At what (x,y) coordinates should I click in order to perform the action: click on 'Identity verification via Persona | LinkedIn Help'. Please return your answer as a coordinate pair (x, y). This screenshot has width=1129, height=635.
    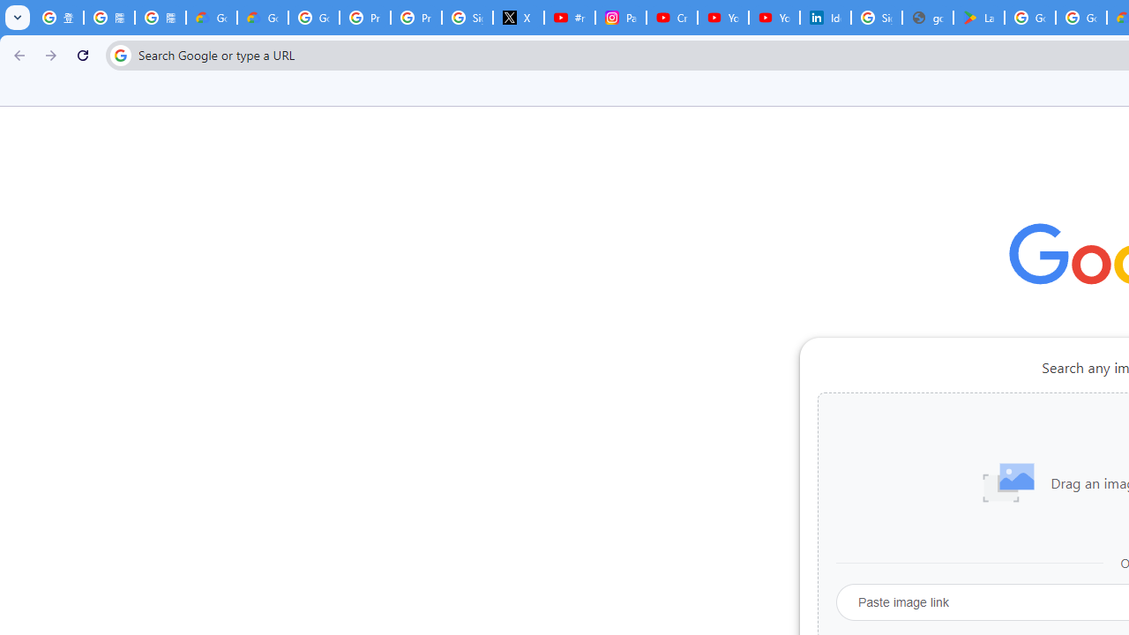
    Looking at the image, I should click on (825, 18).